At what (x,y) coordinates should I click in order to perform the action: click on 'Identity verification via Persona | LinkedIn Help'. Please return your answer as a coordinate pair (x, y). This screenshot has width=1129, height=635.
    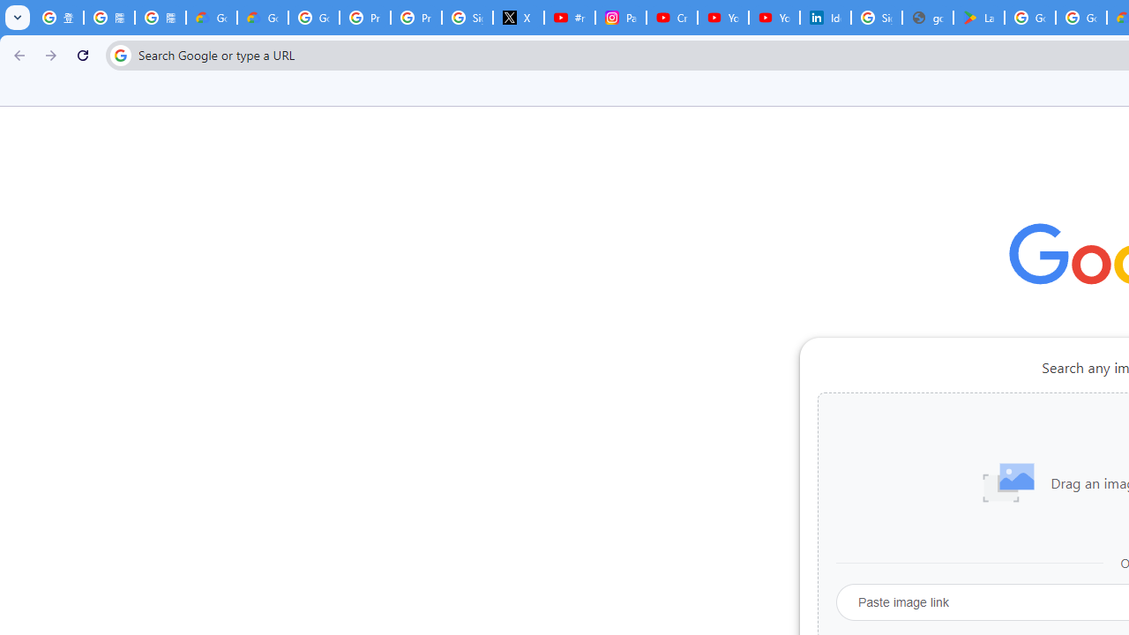
    Looking at the image, I should click on (825, 18).